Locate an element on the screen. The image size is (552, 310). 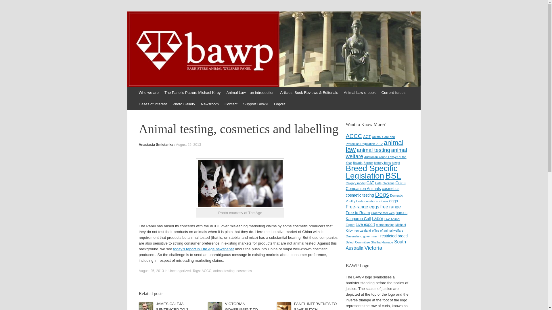
'e-book' is located at coordinates (384, 201).